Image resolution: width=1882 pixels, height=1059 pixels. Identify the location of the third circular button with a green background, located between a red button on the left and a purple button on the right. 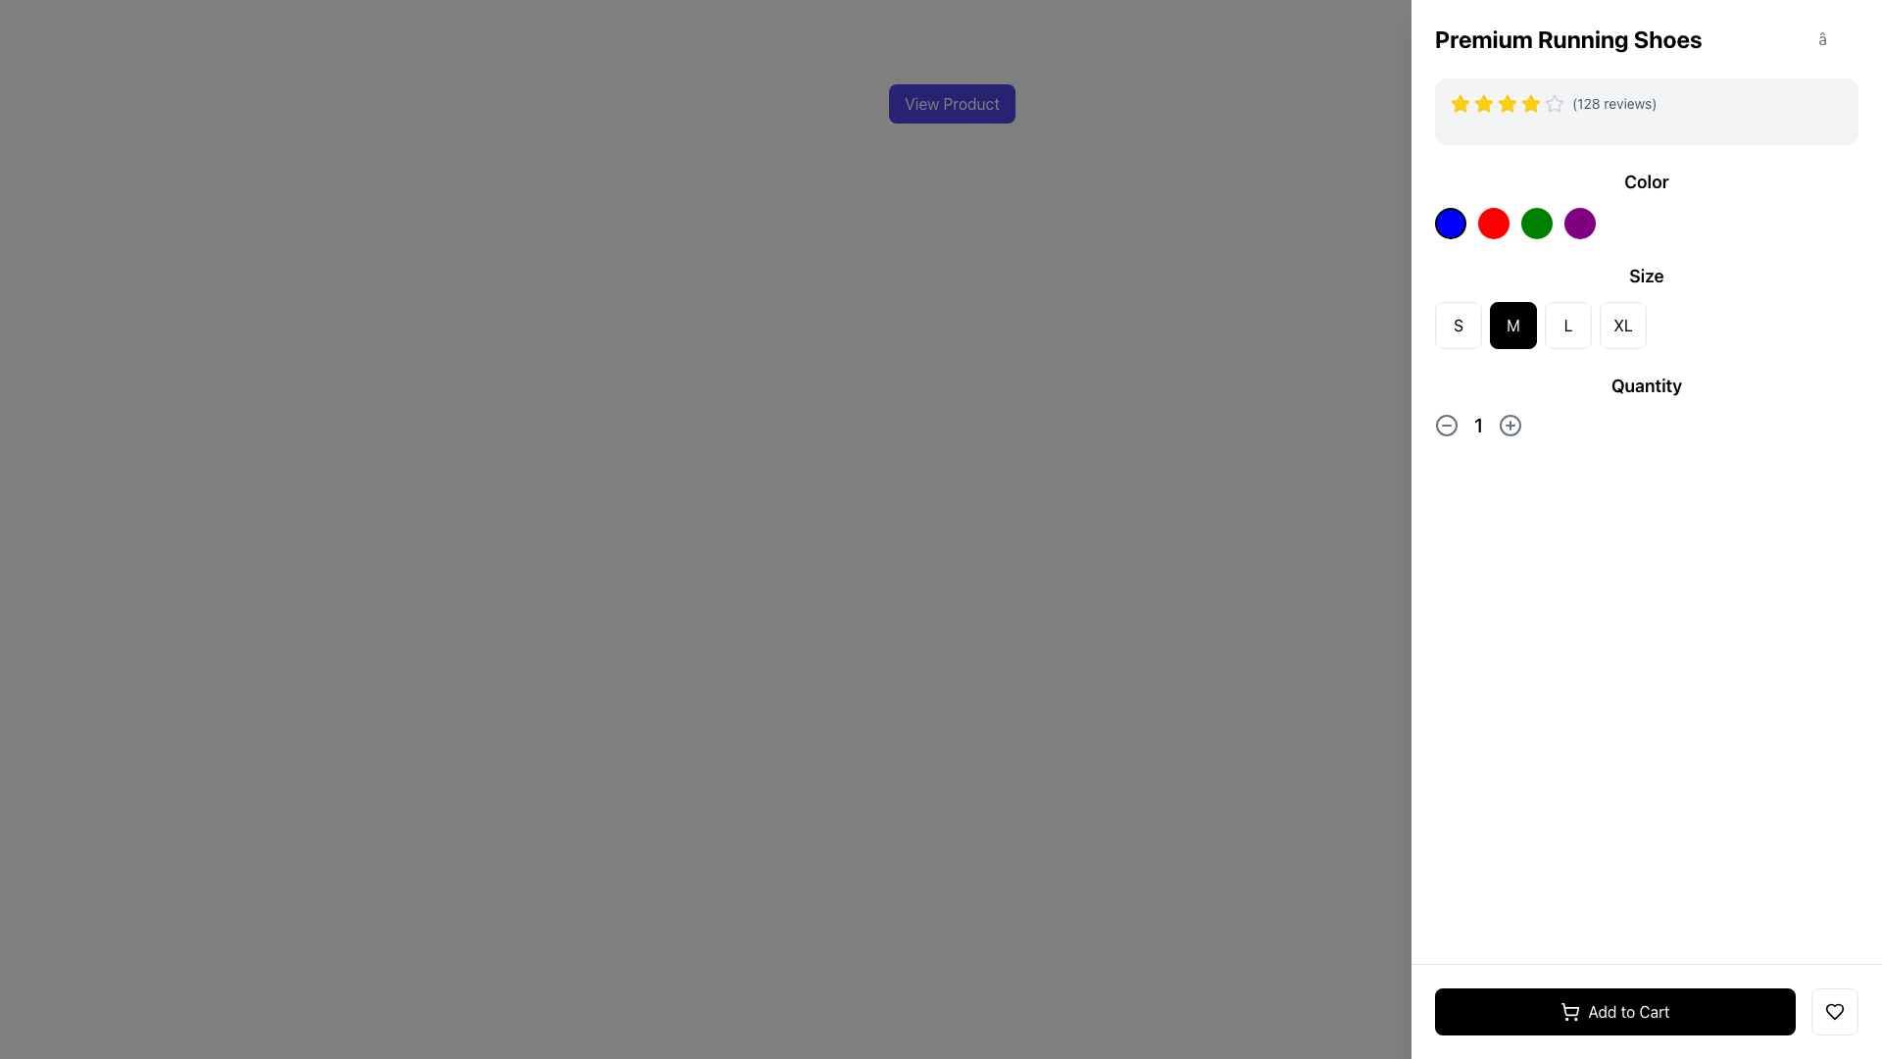
(1536, 222).